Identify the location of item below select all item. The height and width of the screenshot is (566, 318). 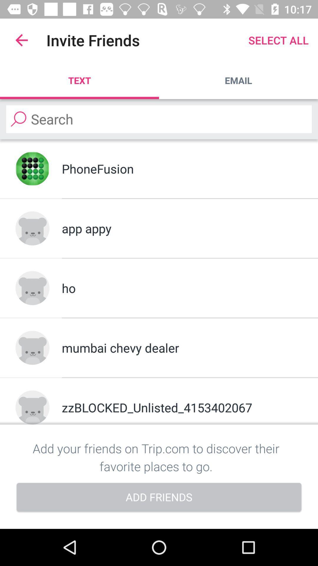
(238, 80).